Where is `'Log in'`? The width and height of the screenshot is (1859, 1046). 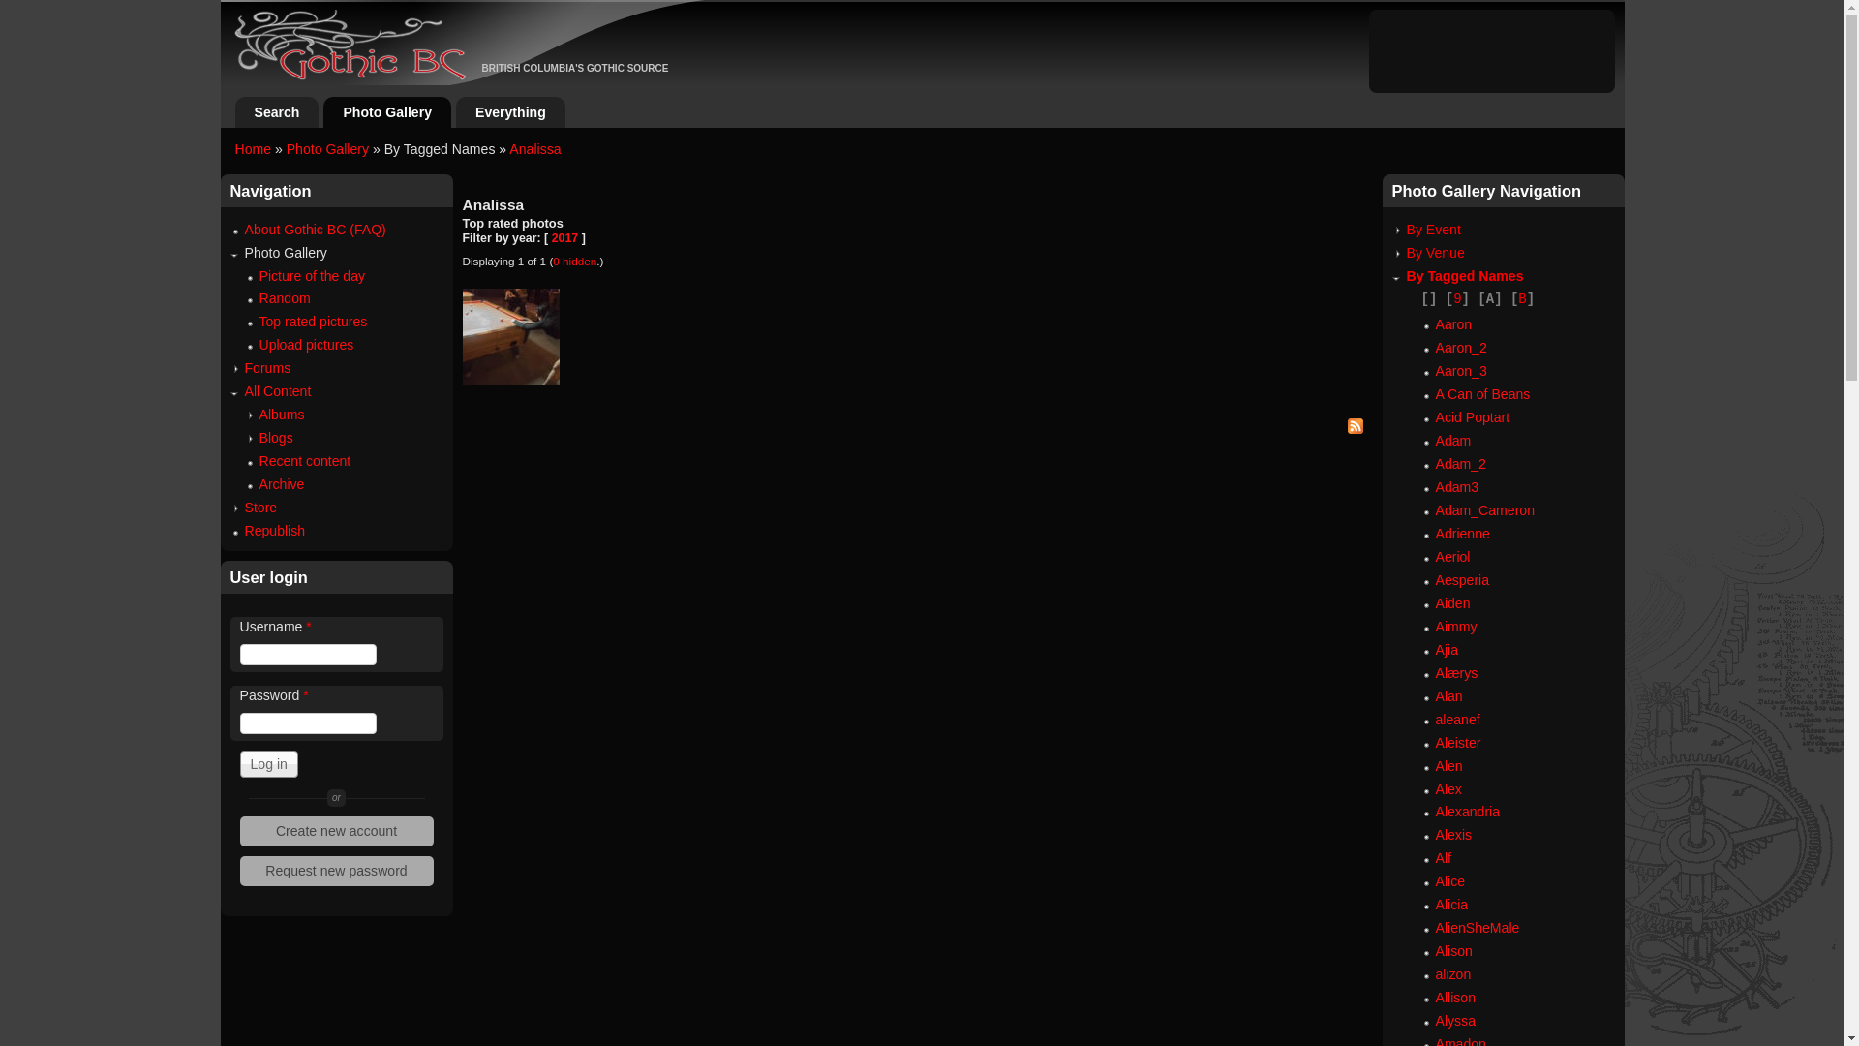
'Log in' is located at coordinates (268, 763).